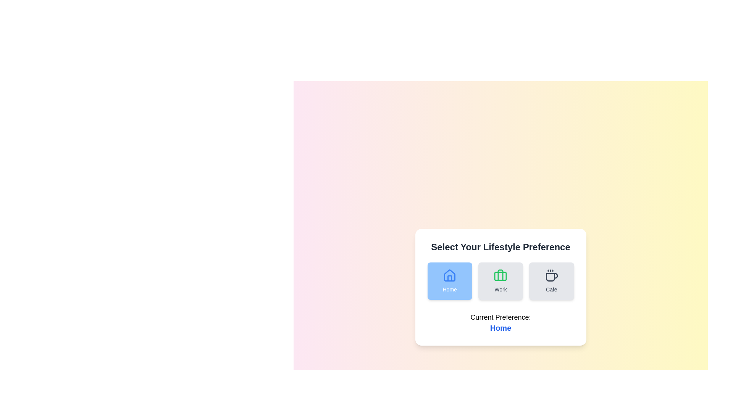 This screenshot has width=733, height=412. I want to click on the coffee cup icon, so click(551, 275).